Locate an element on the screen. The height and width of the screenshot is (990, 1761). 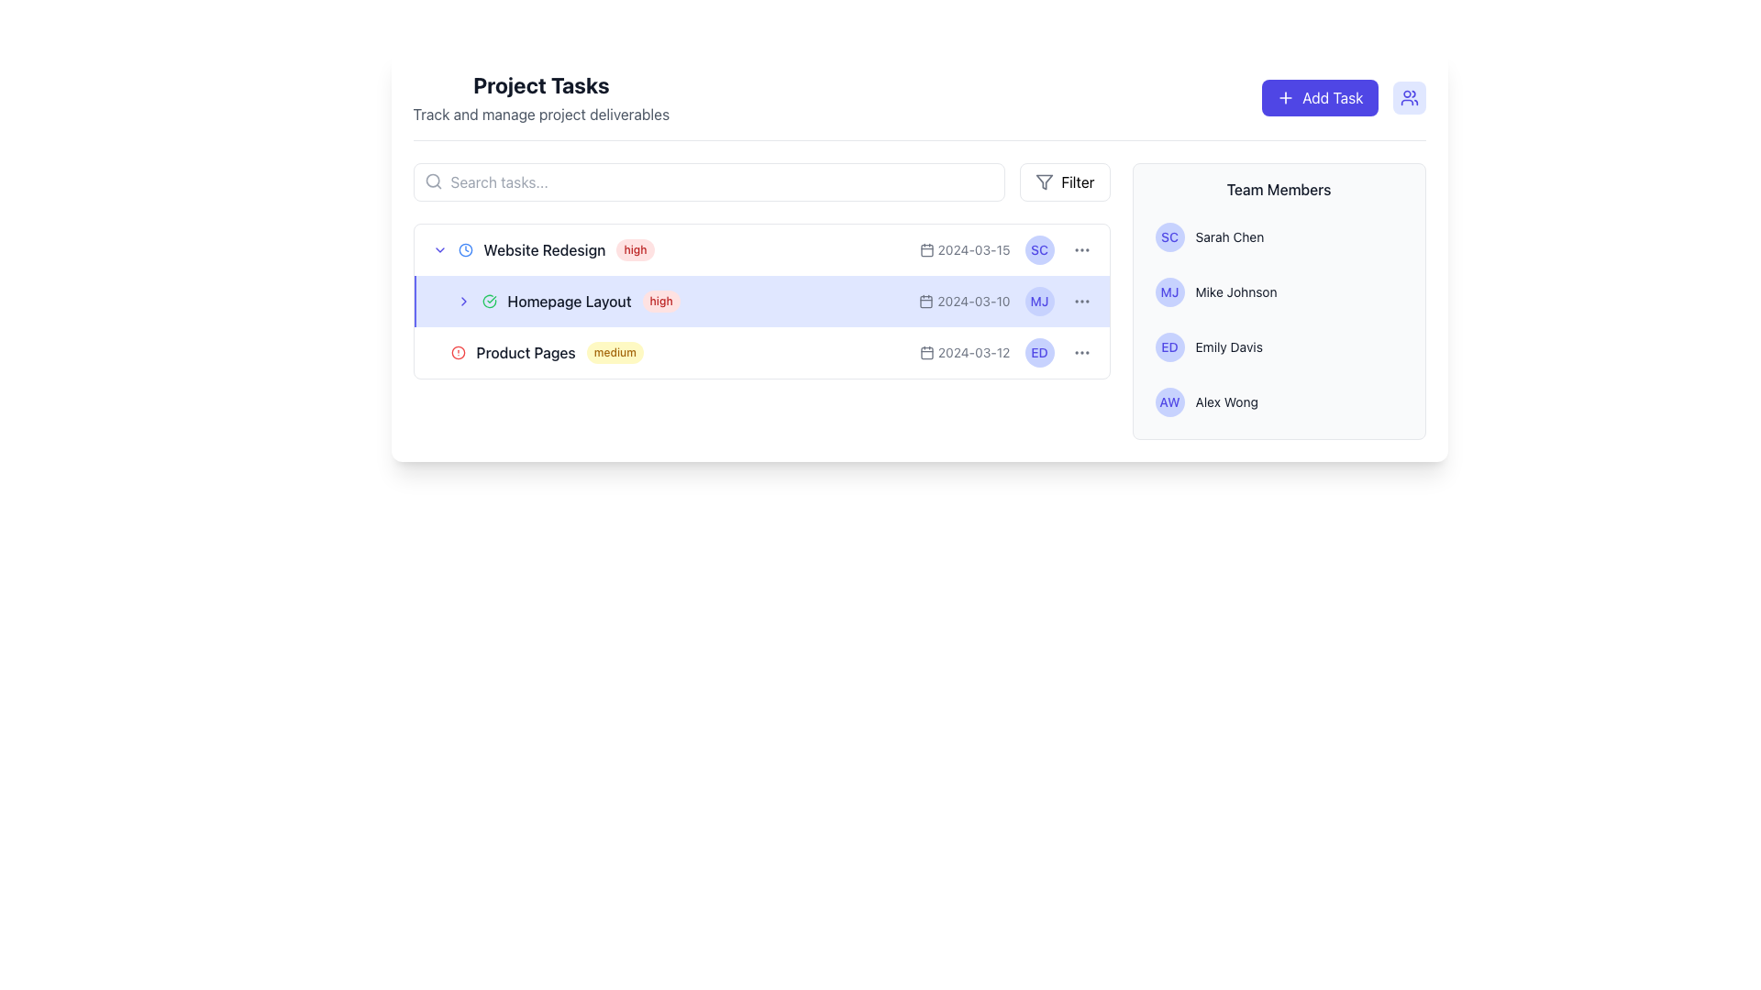
the third list item displaying user information in the 'Team Members' section, which identifies a team member by their name and initials, located between 'Mike Johnson' and 'Alex Wong' is located at coordinates (1278, 346).